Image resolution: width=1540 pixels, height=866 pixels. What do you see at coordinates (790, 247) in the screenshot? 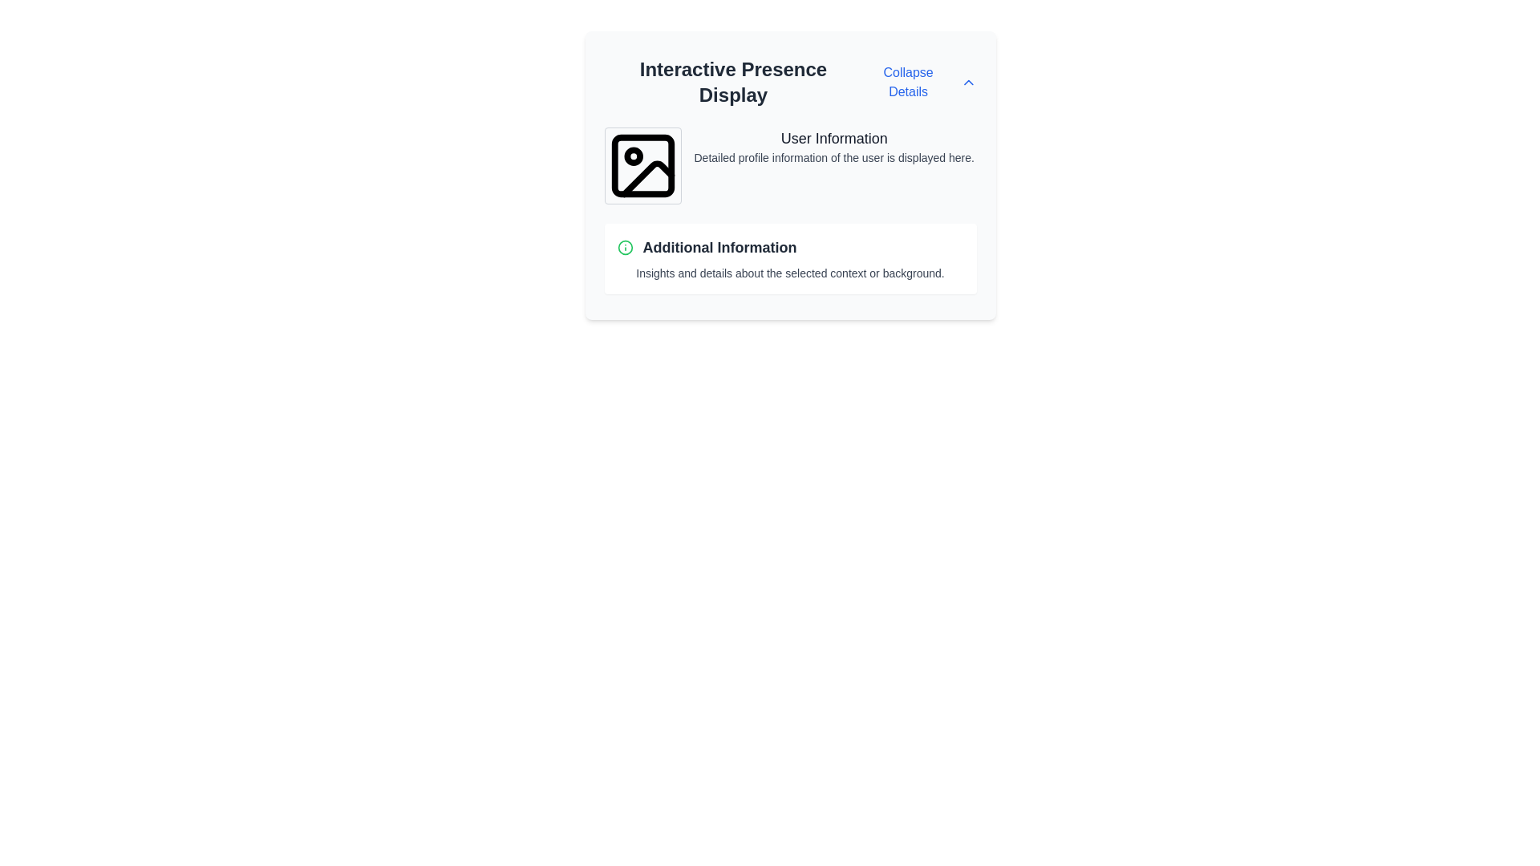
I see `the icon in the Title row labeled 'Additional Information', which features a green circle with an information symbol` at bounding box center [790, 247].